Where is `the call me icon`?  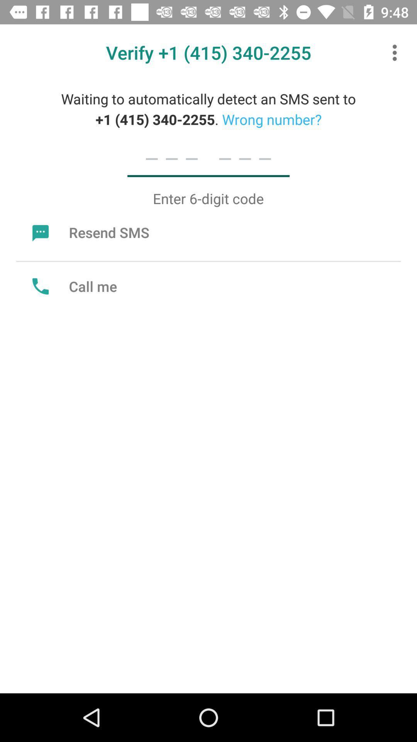 the call me icon is located at coordinates (73, 286).